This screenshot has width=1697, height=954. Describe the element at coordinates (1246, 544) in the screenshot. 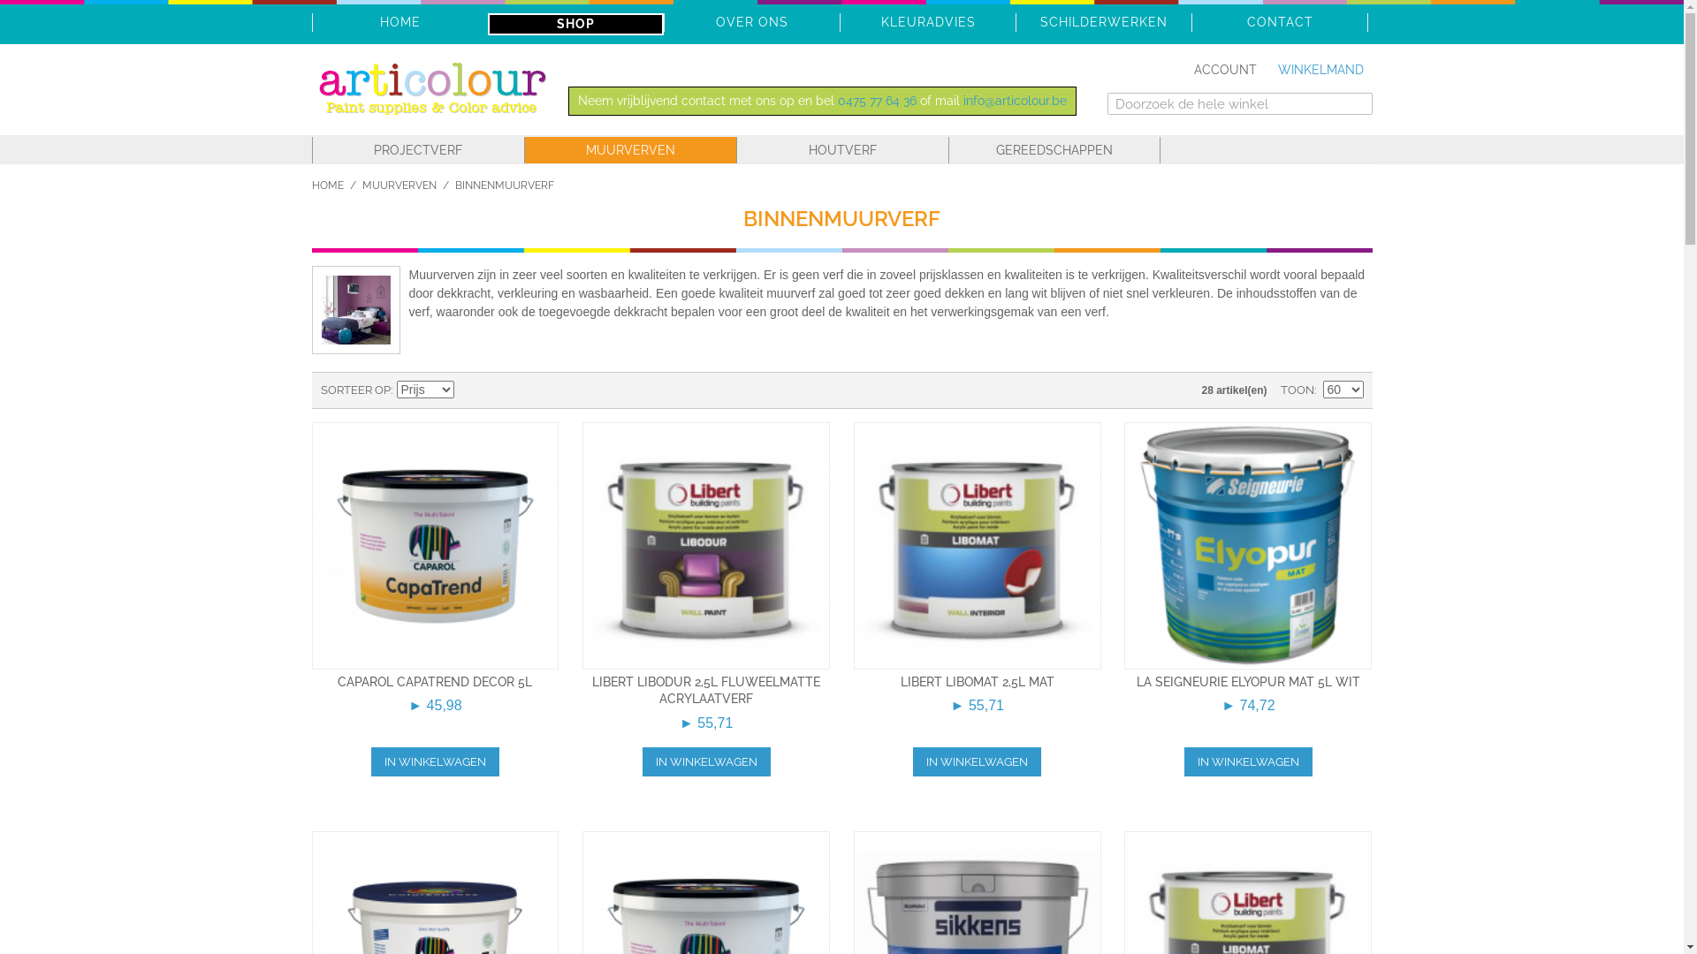

I see `'La Seigneurie Elyopur mat 5l wit'` at that location.